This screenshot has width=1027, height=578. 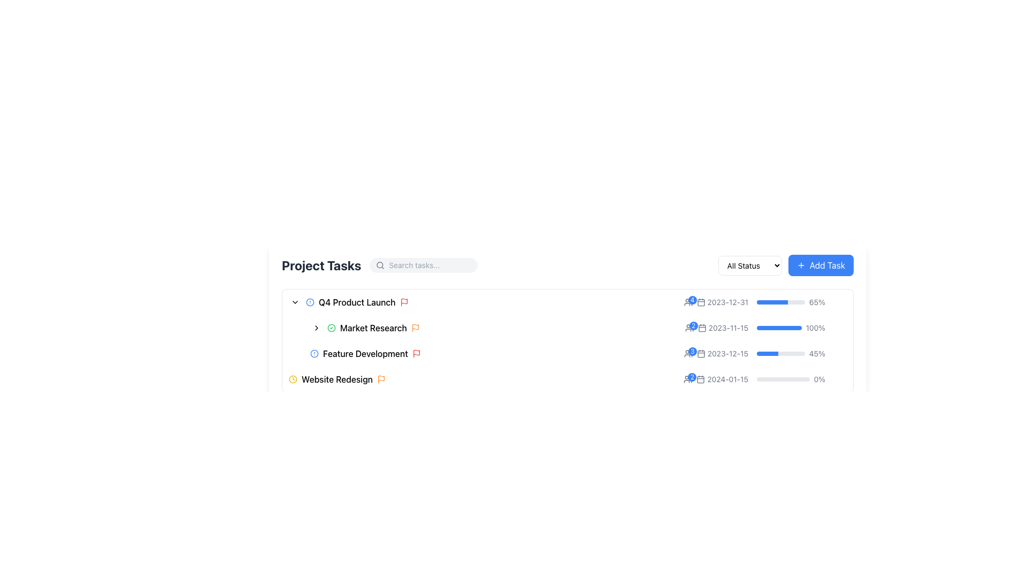 I want to click on progress percentage from the rounded progress bar with a visible percentage label indicating 65%, located on the right side of the task row aligned with the date label '2023-12-31', so click(x=791, y=302).